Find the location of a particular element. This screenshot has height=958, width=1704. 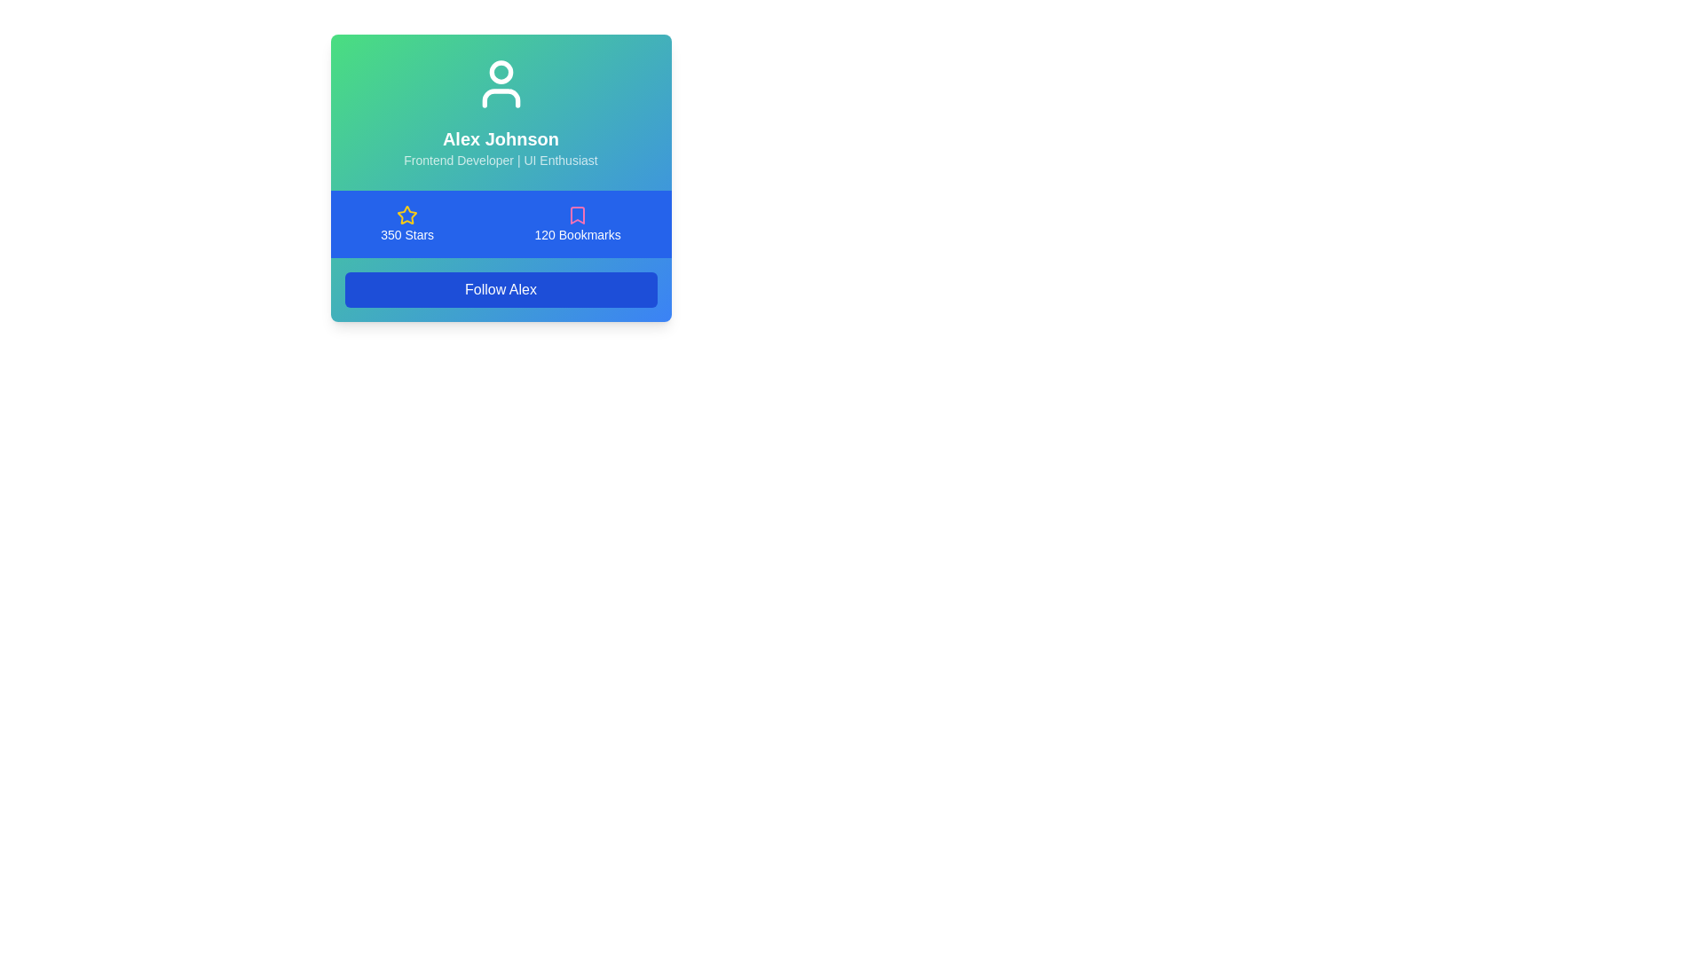

the Statistical Display element that shows the count of bookmarks, located in the blue section below the user details card, centered right and second in the layout is located at coordinates (578, 224).